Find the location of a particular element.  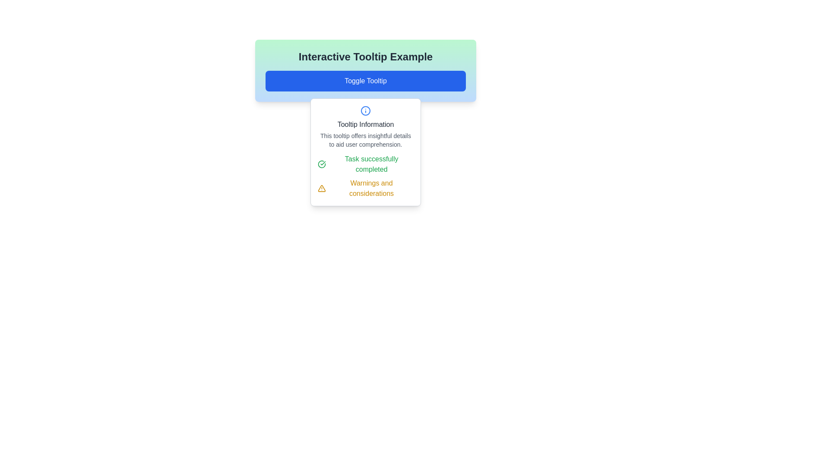

the area surrounding the Status message with icon located below the heading 'Tooltip Information' in the tooltip box, as it is interactive is located at coordinates (365, 164).